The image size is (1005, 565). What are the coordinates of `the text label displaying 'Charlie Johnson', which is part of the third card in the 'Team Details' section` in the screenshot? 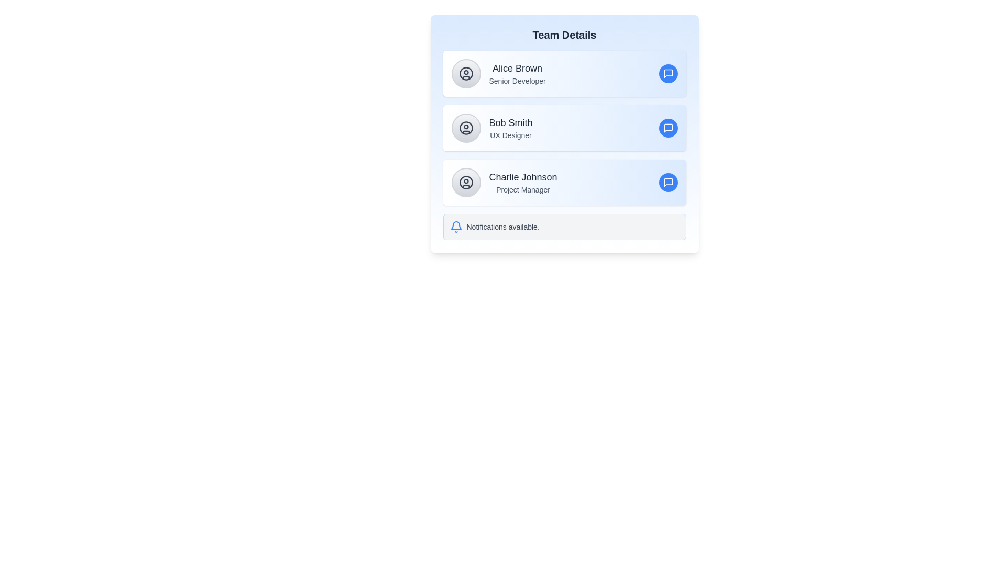 It's located at (523, 177).